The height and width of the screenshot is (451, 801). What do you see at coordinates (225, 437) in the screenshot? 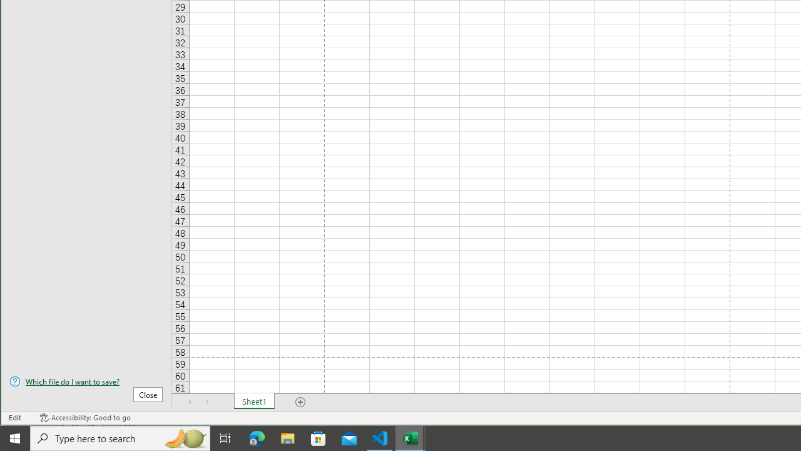
I see `'Task View'` at bounding box center [225, 437].